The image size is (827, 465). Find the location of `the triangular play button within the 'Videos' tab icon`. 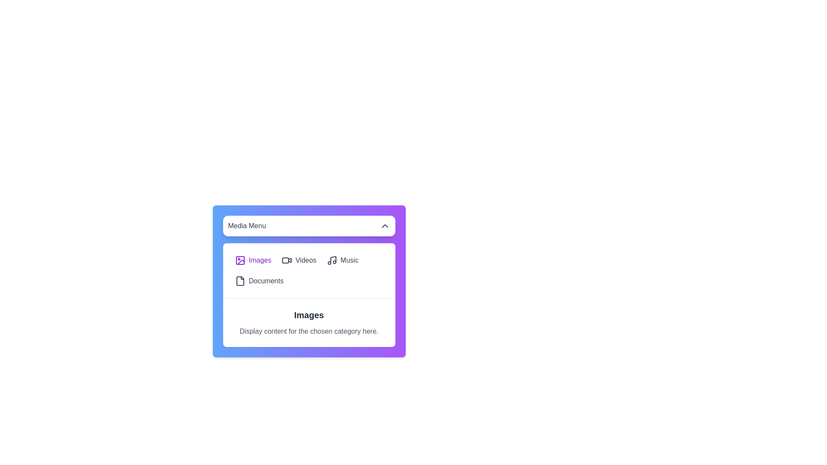

the triangular play button within the 'Videos' tab icon is located at coordinates (289, 260).